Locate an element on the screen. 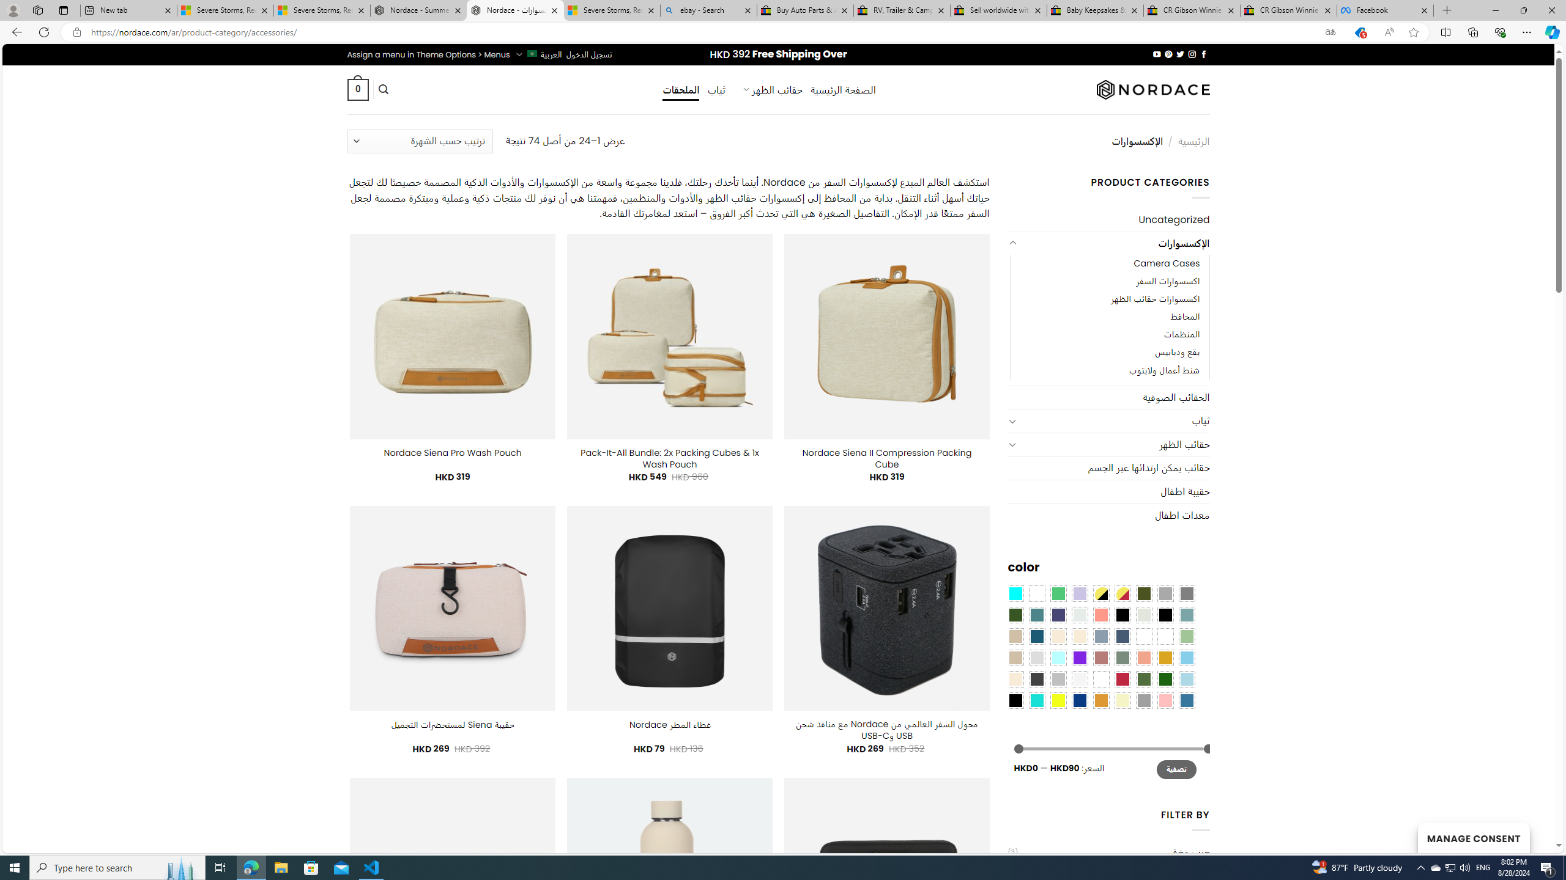  'Camera Cases' is located at coordinates (1109, 264).